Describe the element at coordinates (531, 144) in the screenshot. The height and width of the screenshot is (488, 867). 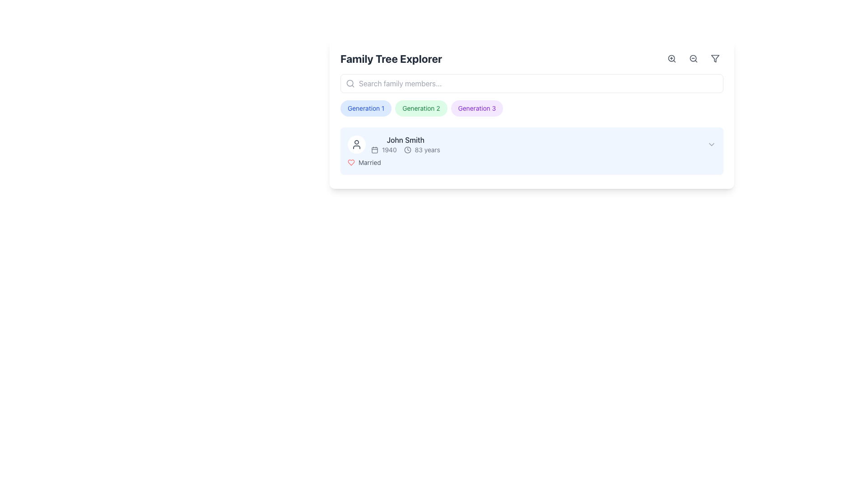
I see `icons for additional details in the Information display row that contains the name 'John Smith', year '1940', and age '83 years'` at that location.